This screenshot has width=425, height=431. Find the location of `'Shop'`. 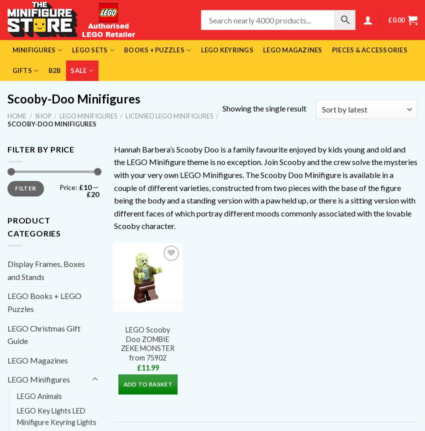

'Shop' is located at coordinates (42, 115).